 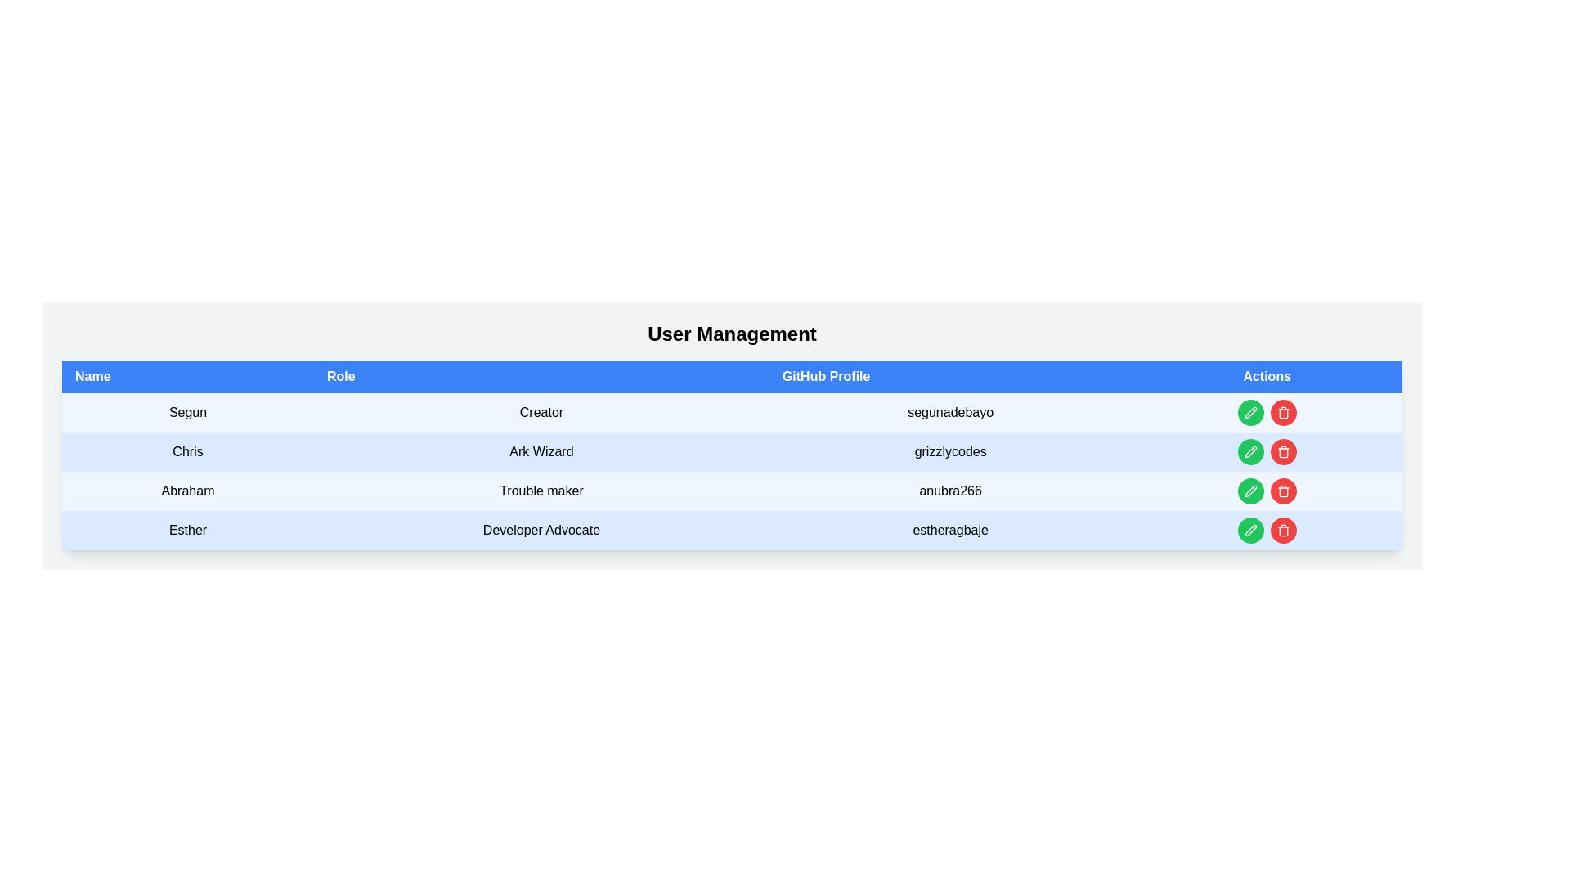 I want to click on the username 'grizzlycodes' in the second row of the user management table, so click(x=731, y=451).